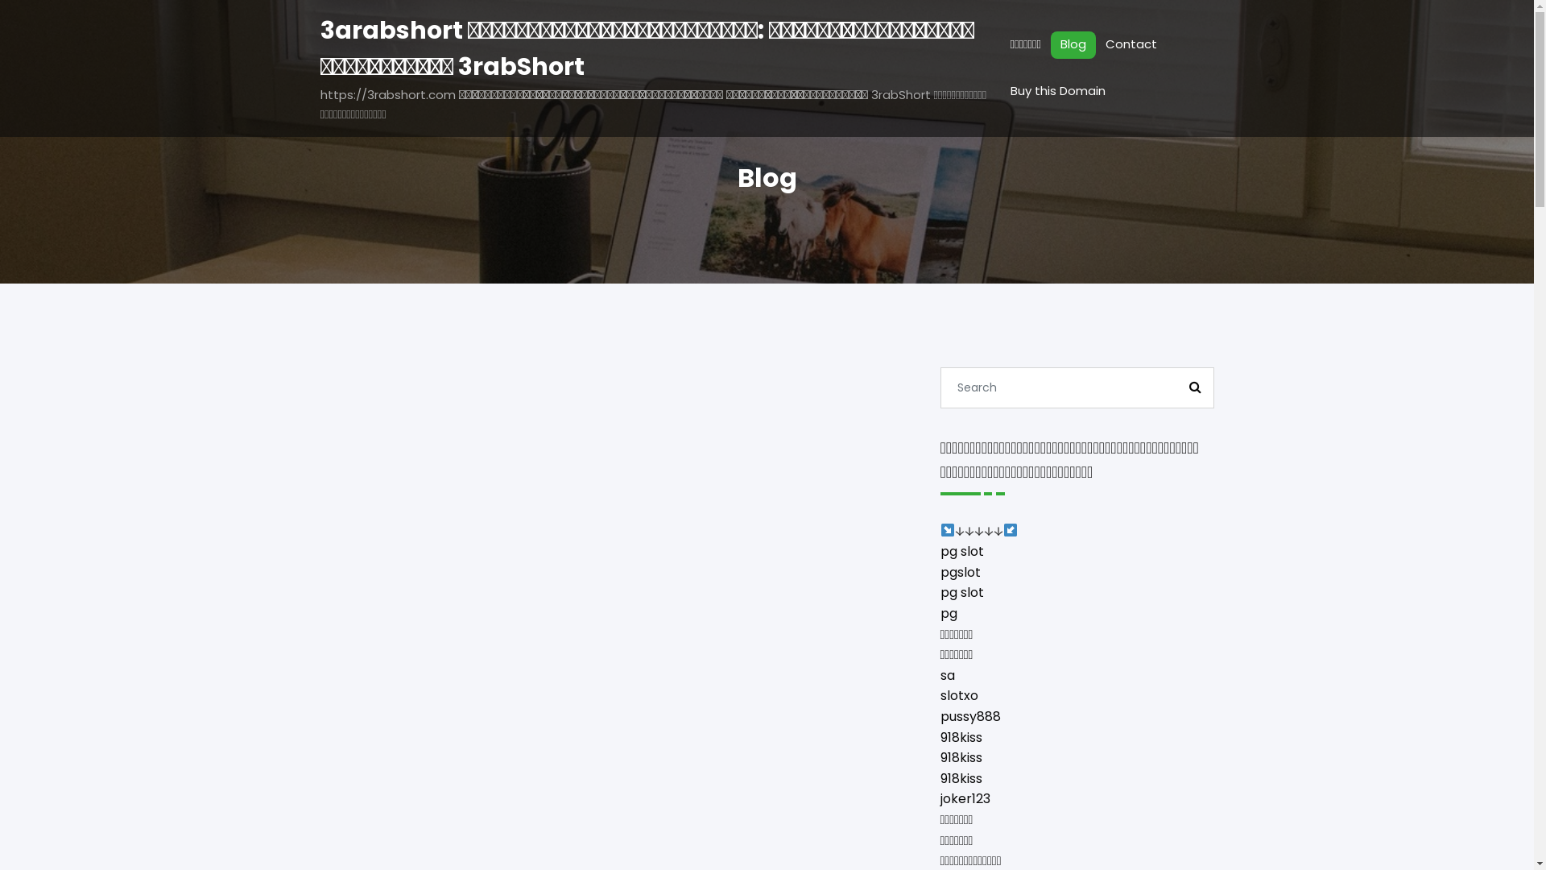 Image resolution: width=1546 pixels, height=870 pixels. I want to click on '918kiss', so click(961, 757).